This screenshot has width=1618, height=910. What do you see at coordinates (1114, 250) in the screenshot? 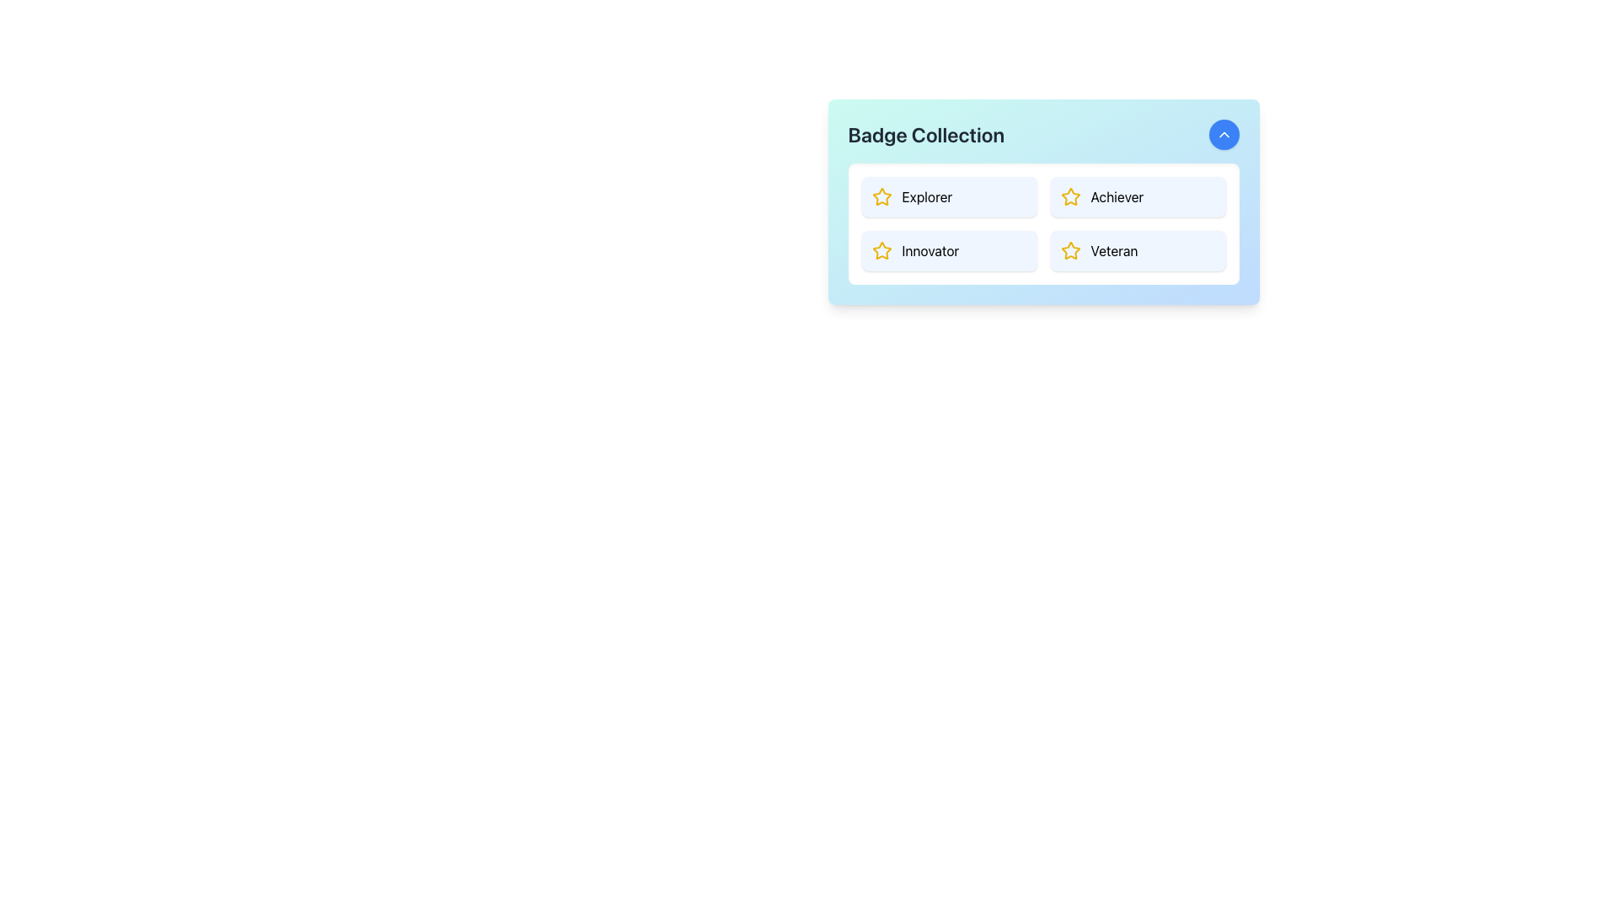
I see `the Text Label representing a category or status within the 'Badge Collection', located in the bottom right corner of the interface, specifically the fourth badge in a 2x2 grid layout` at bounding box center [1114, 250].